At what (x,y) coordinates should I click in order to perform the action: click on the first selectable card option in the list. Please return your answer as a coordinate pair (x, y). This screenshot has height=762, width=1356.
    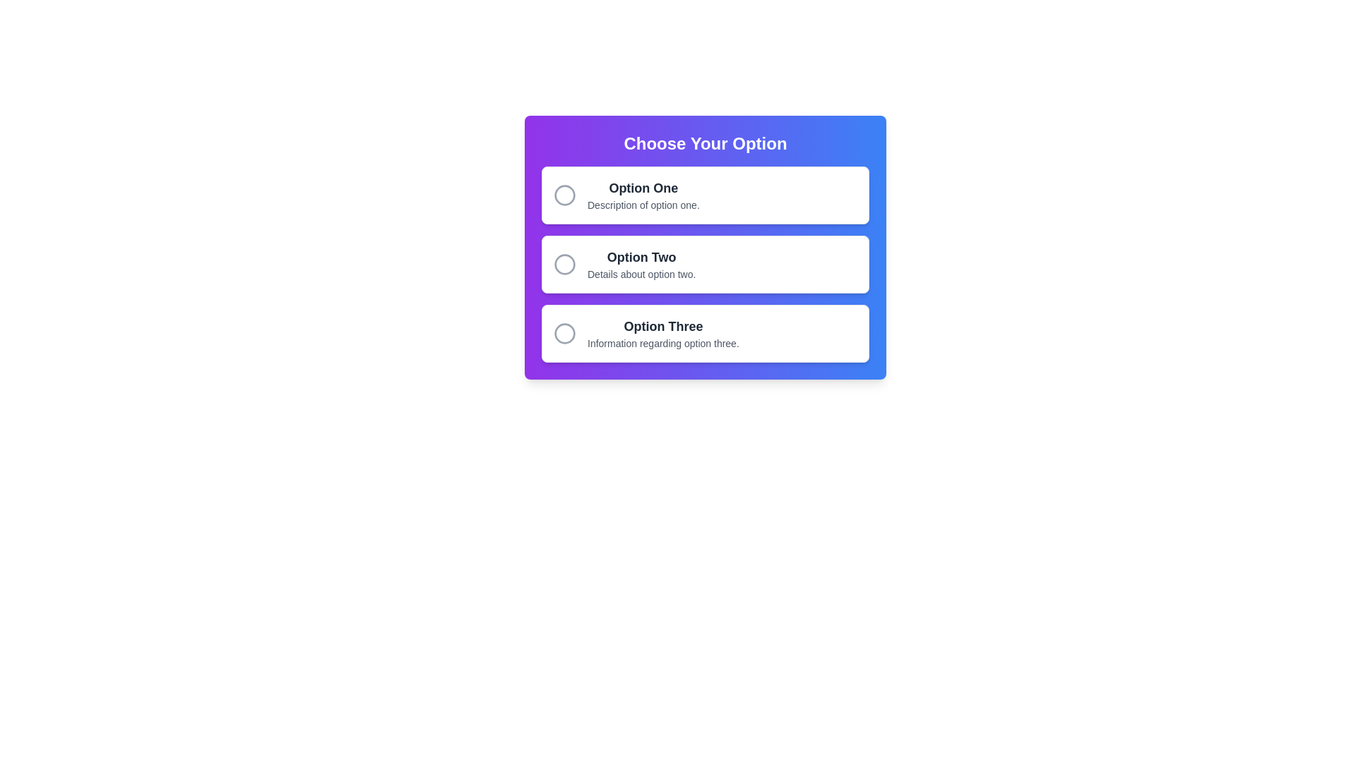
    Looking at the image, I should click on (705, 195).